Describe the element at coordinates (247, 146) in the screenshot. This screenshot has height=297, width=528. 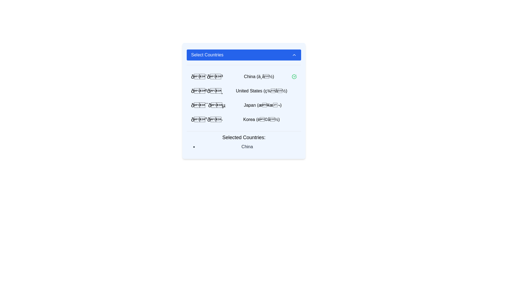
I see `the text label that indicates the selected country in the dropdown or list interface, positioned beneath the 'Selected Countries:' heading` at that location.